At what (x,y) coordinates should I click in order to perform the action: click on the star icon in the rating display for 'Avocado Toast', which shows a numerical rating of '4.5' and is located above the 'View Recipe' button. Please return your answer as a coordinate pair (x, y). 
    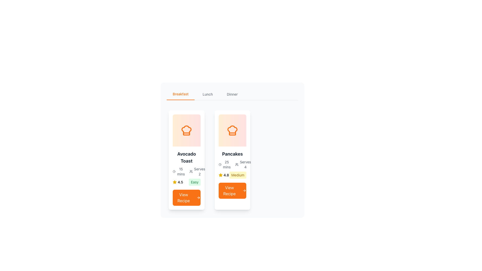
    Looking at the image, I should click on (178, 182).